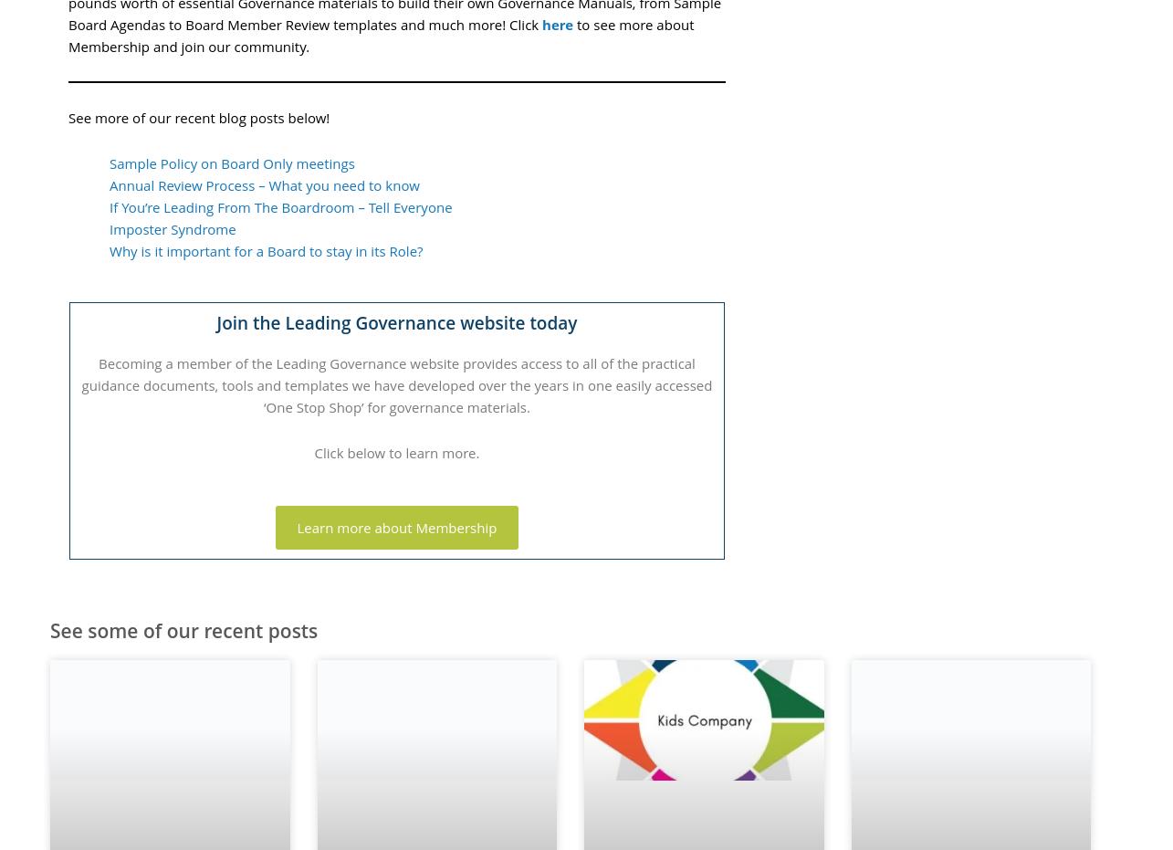 The height and width of the screenshot is (850, 1173). What do you see at coordinates (279, 206) in the screenshot?
I see `'If You’re Leading From The Boardroom – Tell Everyone'` at bounding box center [279, 206].